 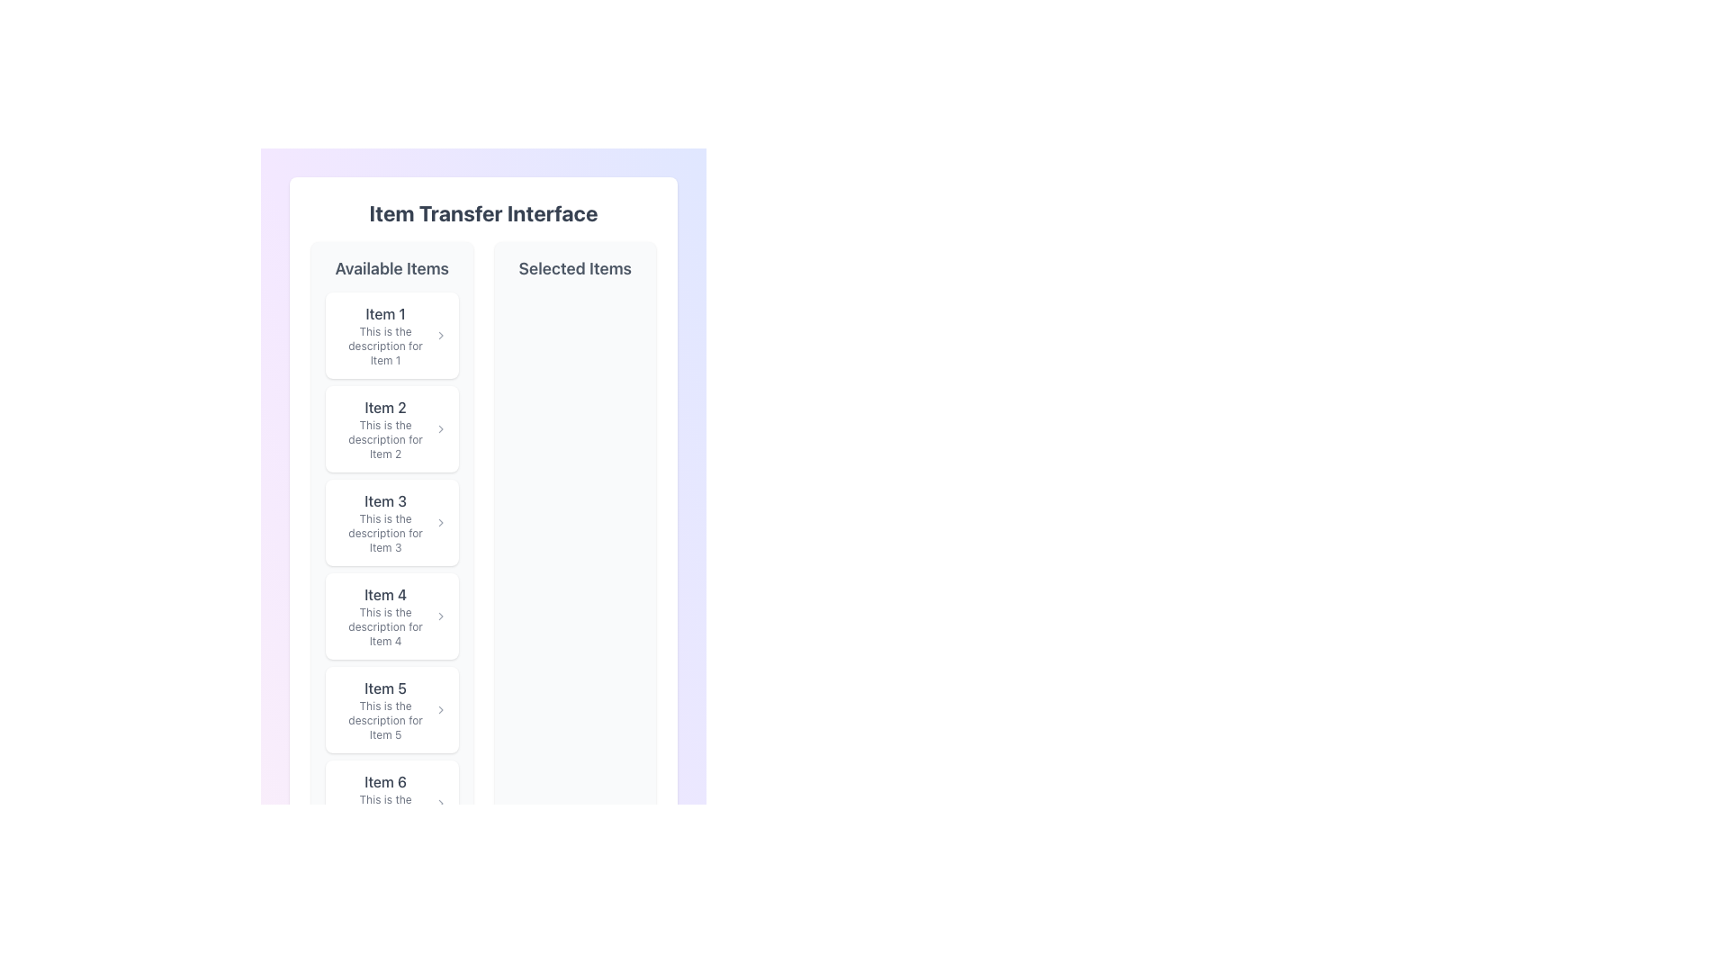 I want to click on static text 'This is the description for Item 2' located in the second row of the left panel titled 'Available Items', beneath the title 'Item 2', so click(x=384, y=440).